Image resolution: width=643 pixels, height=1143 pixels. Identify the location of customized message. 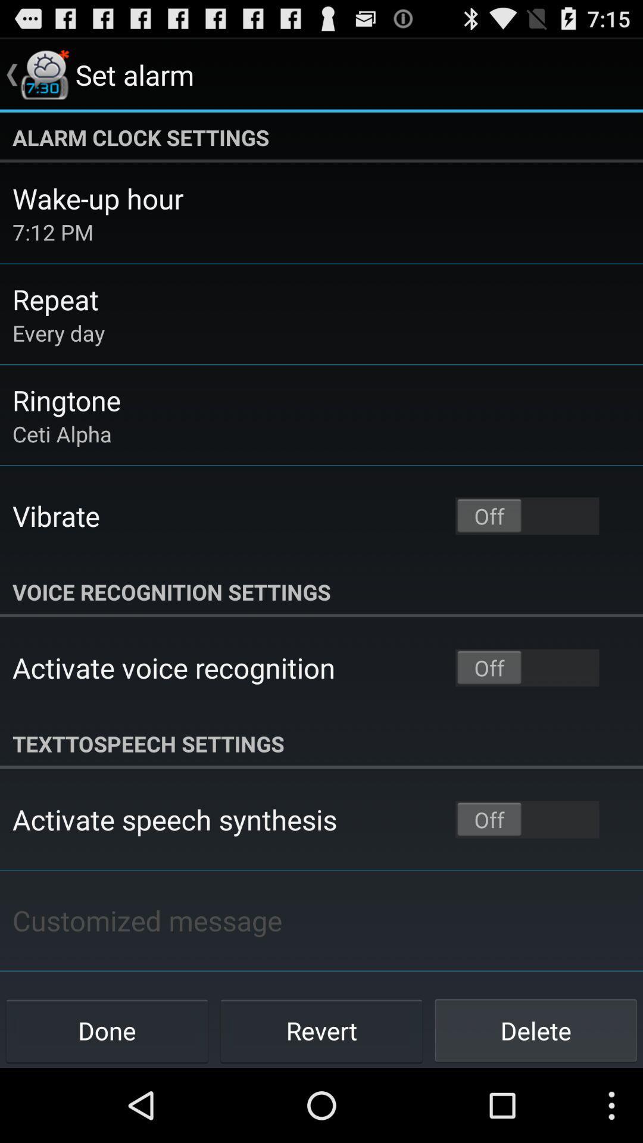
(146, 920).